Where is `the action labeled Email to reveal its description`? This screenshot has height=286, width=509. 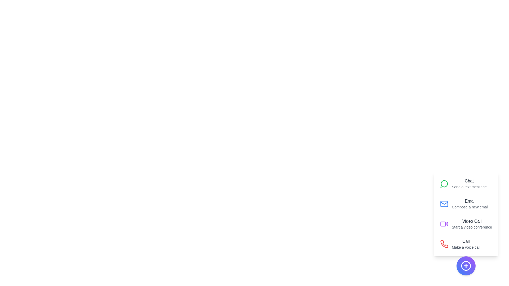 the action labeled Email to reveal its description is located at coordinates (466, 204).